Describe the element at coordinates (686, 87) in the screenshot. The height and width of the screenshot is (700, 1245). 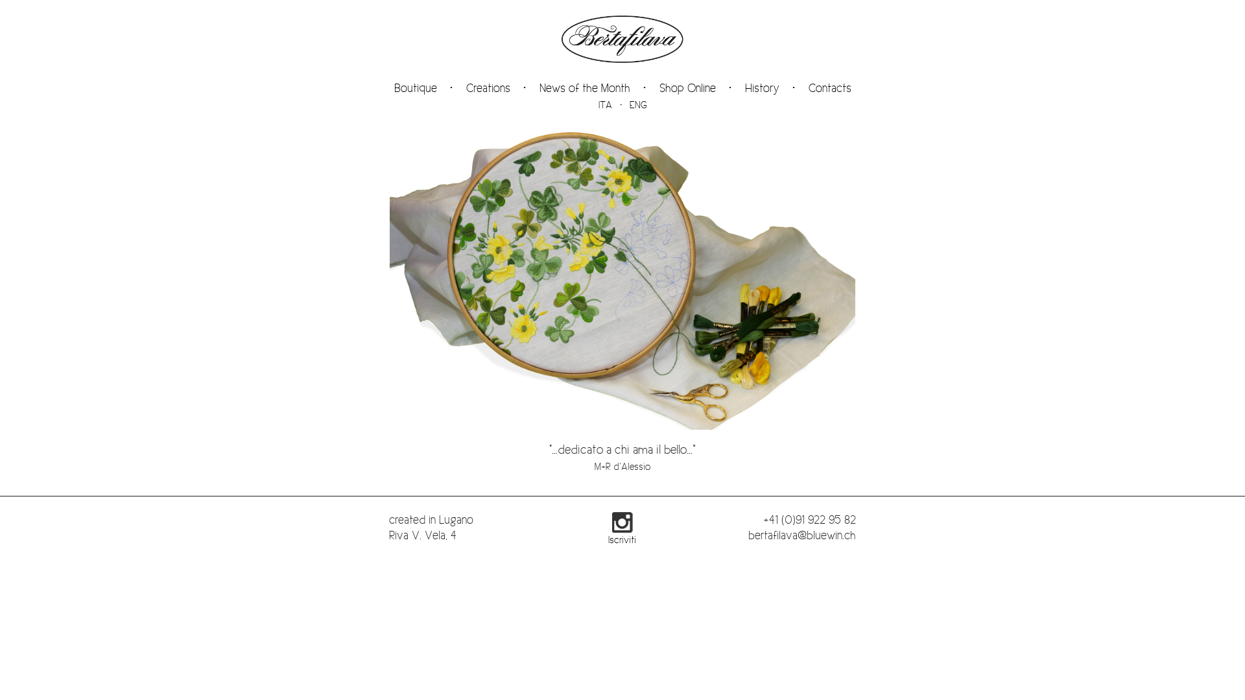
I see `'Shop Online'` at that location.